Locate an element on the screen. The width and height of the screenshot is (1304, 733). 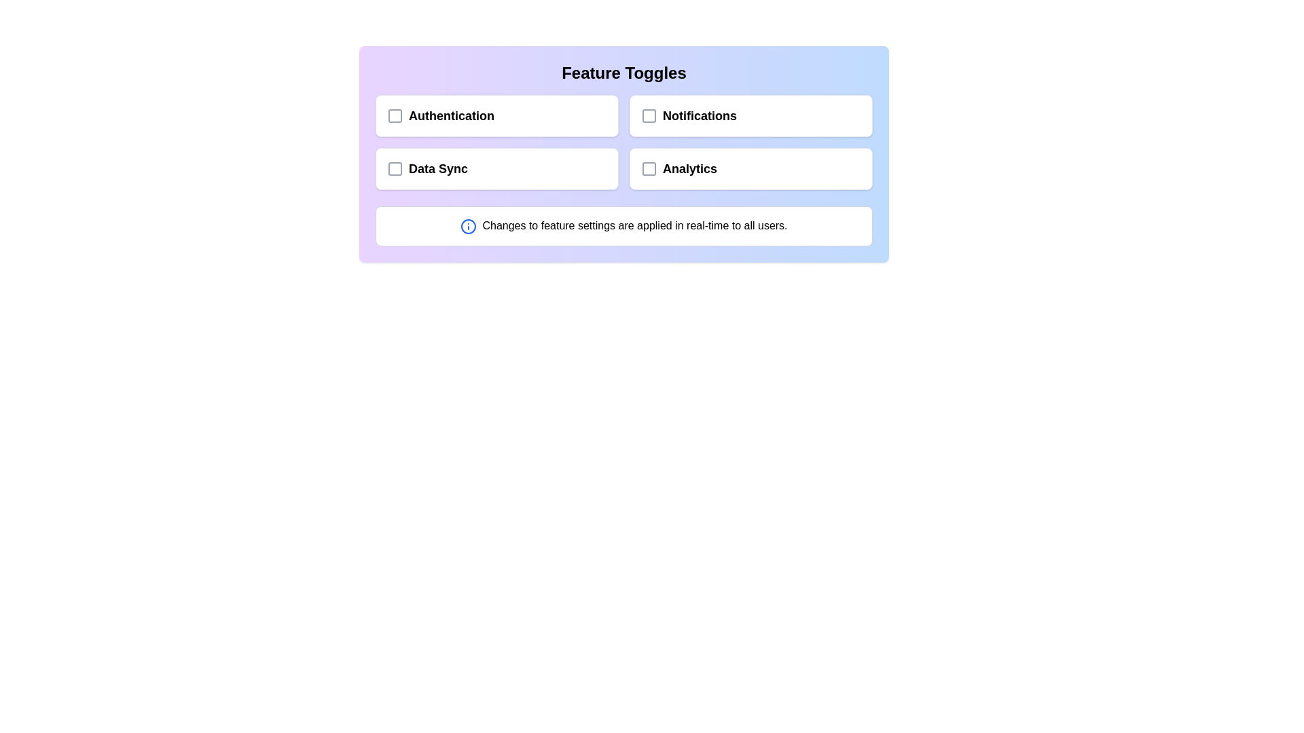
the unselected checkbox corresponding to the 'Data Sync' option in the feature toggles list is located at coordinates (394, 168).